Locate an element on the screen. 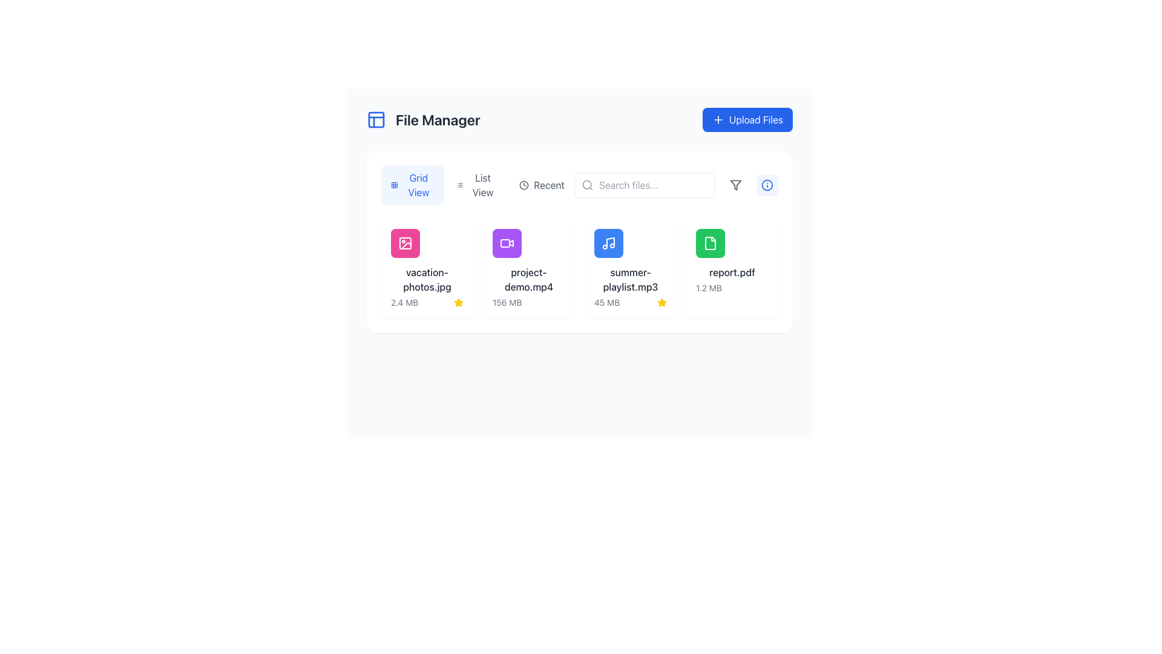  the 'Upload Files' button that contains the plus ('+') icon in the upper-right section of the interface is located at coordinates (718, 119).